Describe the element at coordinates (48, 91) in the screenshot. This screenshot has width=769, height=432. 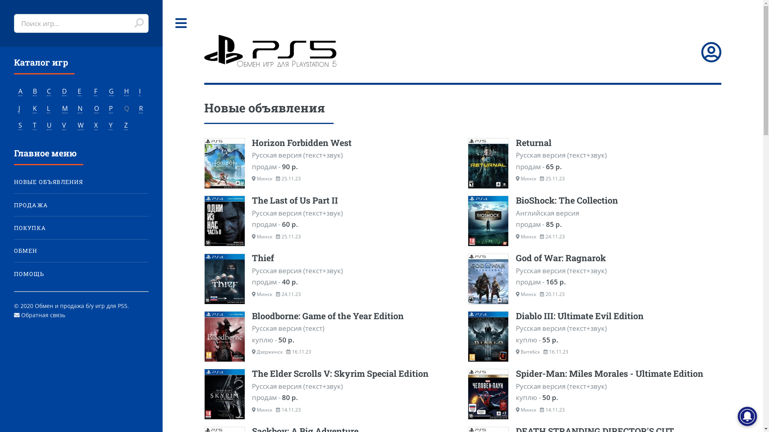
I see `'C'` at that location.